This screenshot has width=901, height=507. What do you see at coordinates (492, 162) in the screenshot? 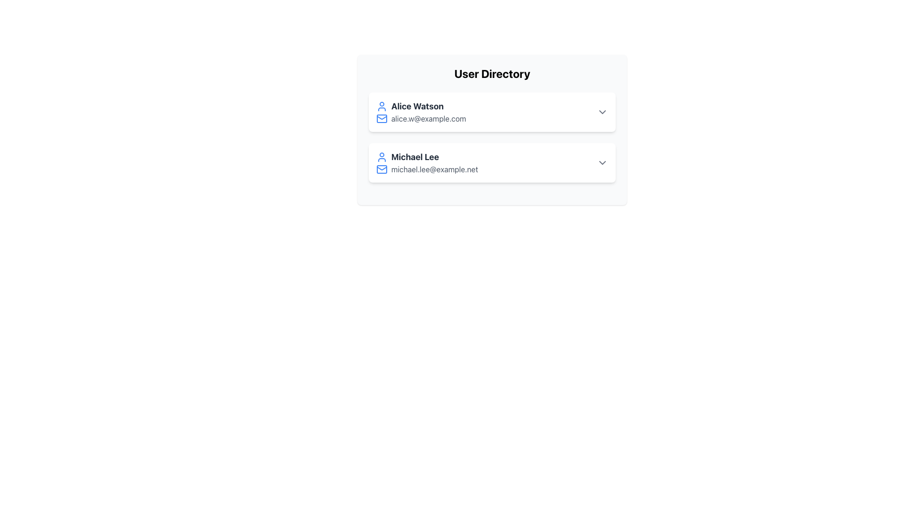
I see `the dropdown of the user entry for 'Michael Lee' in the directory` at bounding box center [492, 162].